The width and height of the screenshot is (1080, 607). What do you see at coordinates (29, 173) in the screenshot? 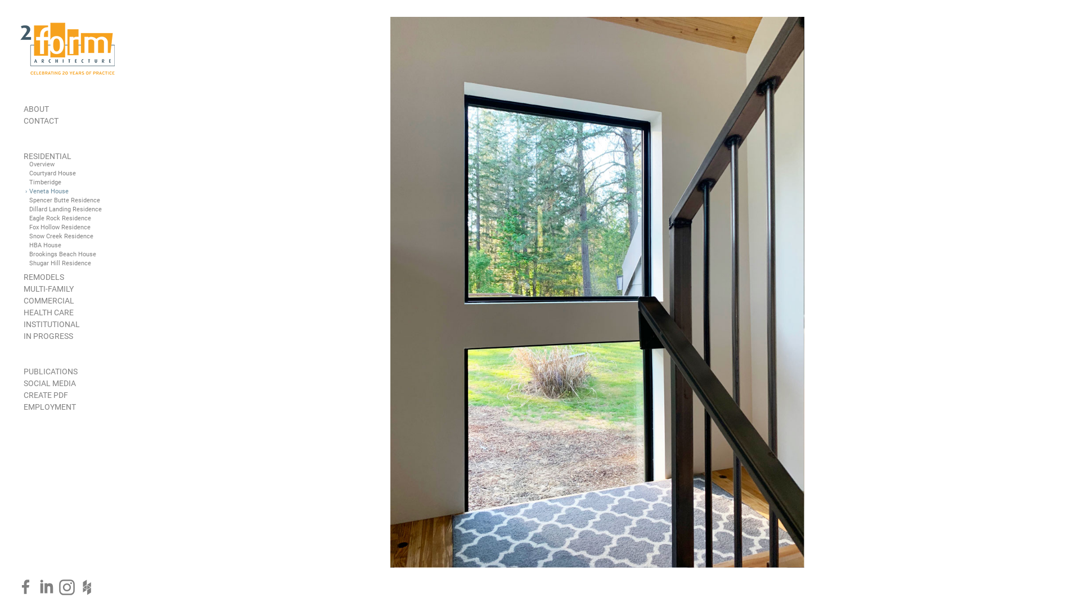
I see `'Courtyard House'` at bounding box center [29, 173].